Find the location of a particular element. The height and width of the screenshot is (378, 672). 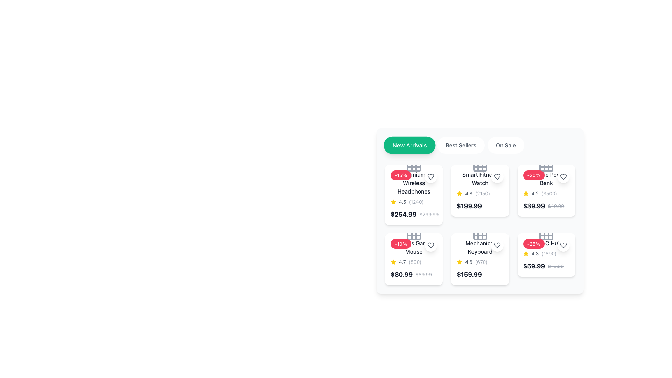

the heart button located in the top-right corner of the 'Mechanical Keyboard' product card is located at coordinates (497, 245).